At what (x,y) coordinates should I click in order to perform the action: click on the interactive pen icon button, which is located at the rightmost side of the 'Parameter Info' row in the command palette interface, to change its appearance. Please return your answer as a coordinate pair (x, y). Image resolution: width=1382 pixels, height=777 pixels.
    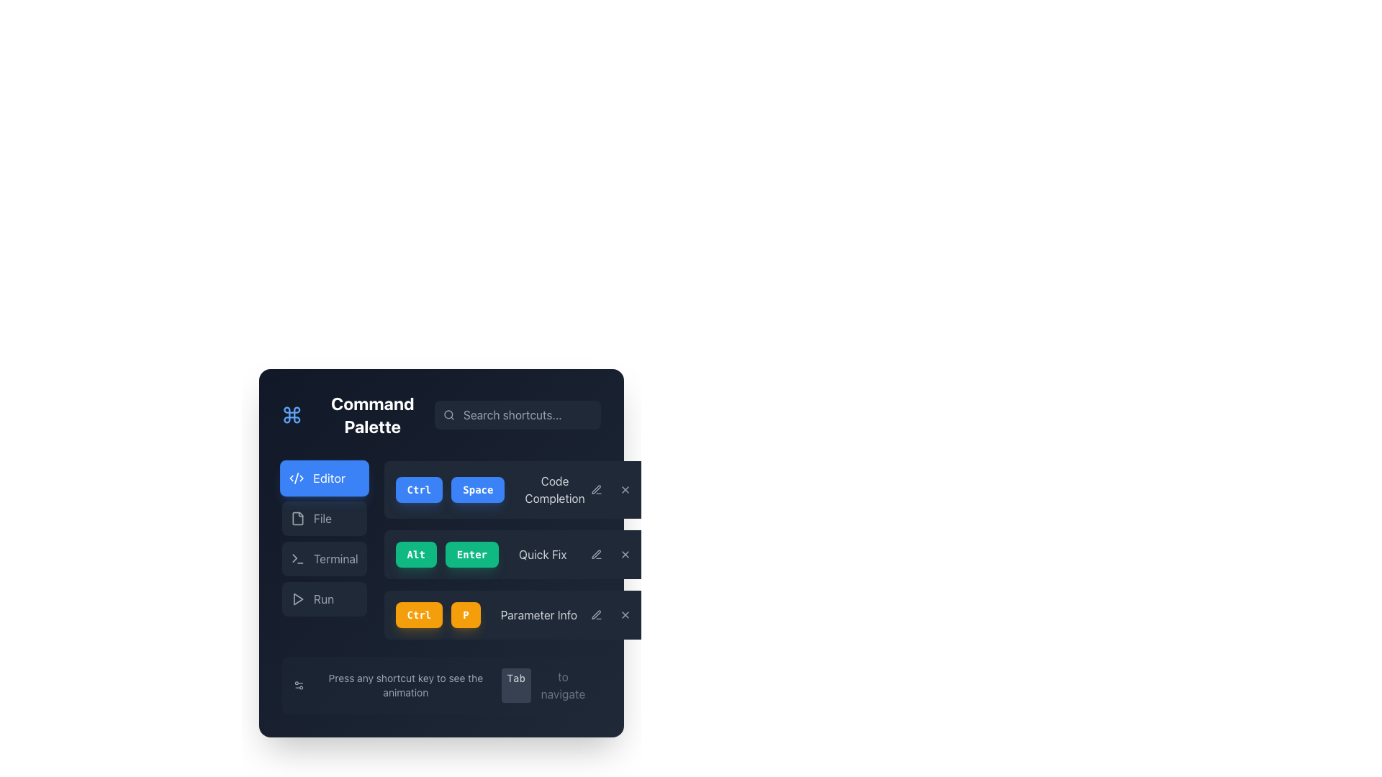
    Looking at the image, I should click on (596, 615).